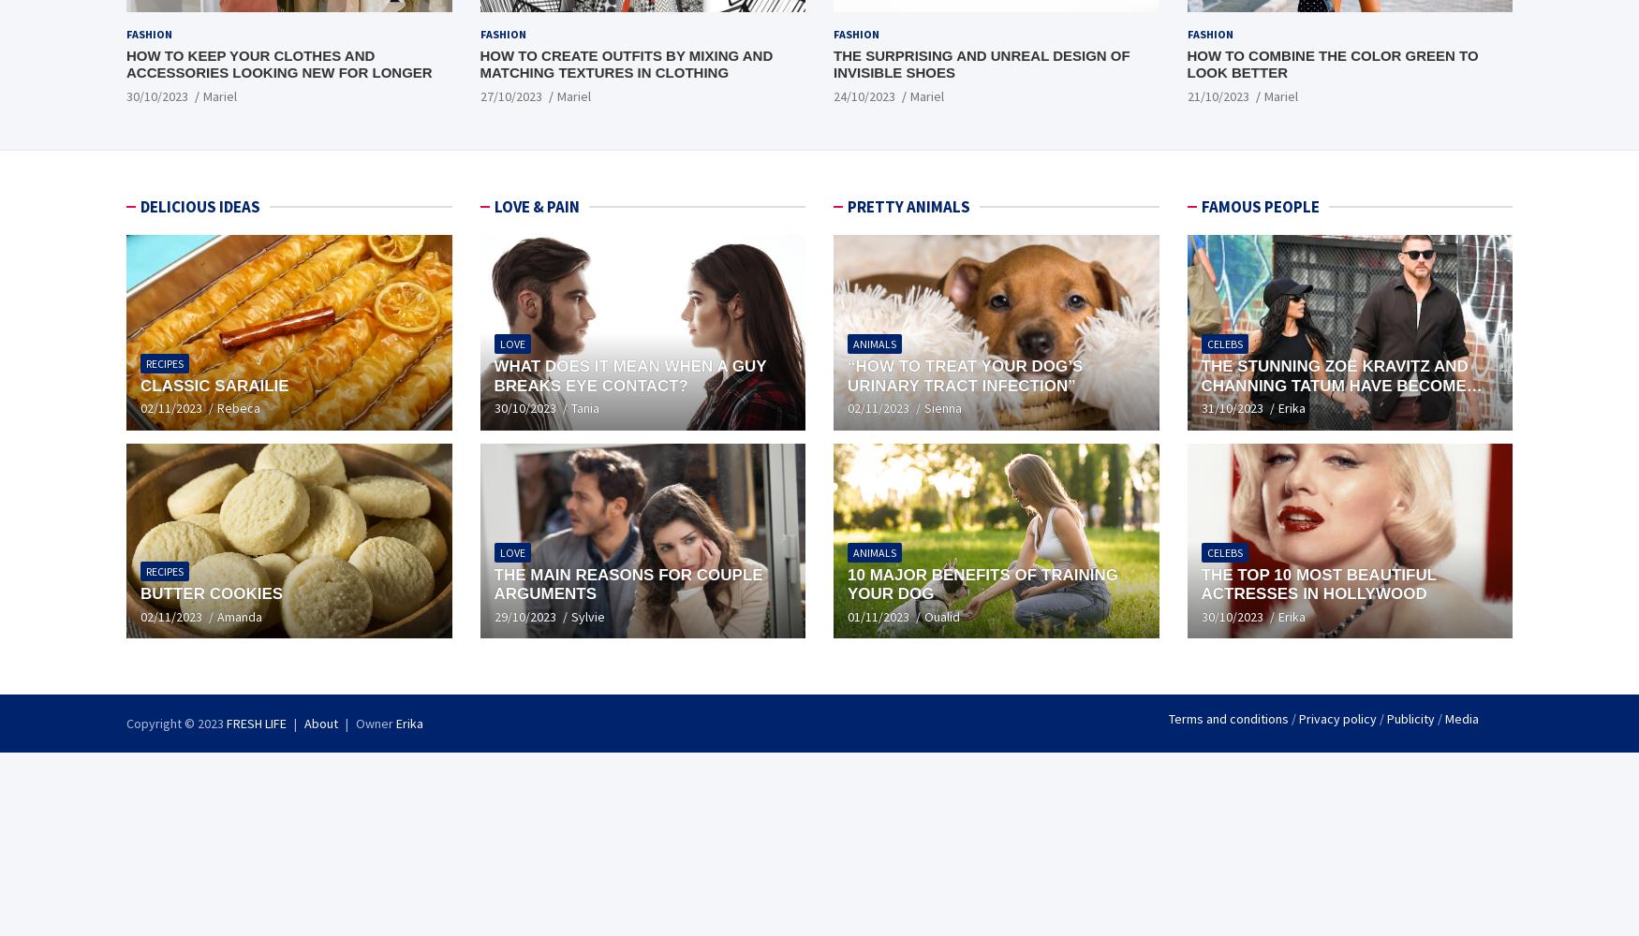 This screenshot has width=1639, height=936. I want to click on 'How to Create Outfits by Mixing and Matching Textures in Clothing', so click(625, 63).